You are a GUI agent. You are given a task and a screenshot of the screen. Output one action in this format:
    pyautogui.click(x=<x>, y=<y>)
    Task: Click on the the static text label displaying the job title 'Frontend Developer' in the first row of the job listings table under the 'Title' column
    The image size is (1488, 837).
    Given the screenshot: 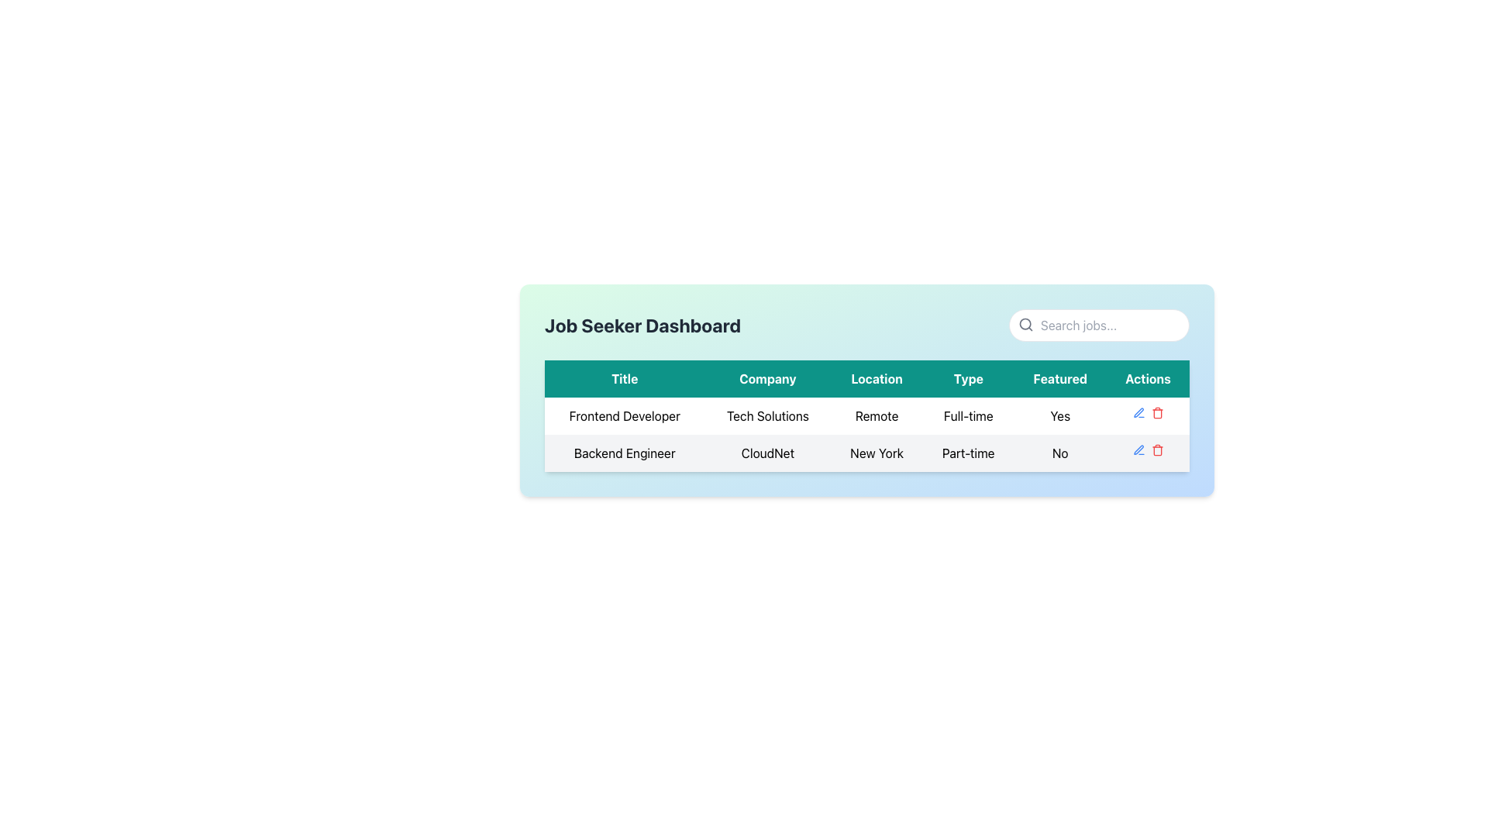 What is the action you would take?
    pyautogui.click(x=625, y=415)
    